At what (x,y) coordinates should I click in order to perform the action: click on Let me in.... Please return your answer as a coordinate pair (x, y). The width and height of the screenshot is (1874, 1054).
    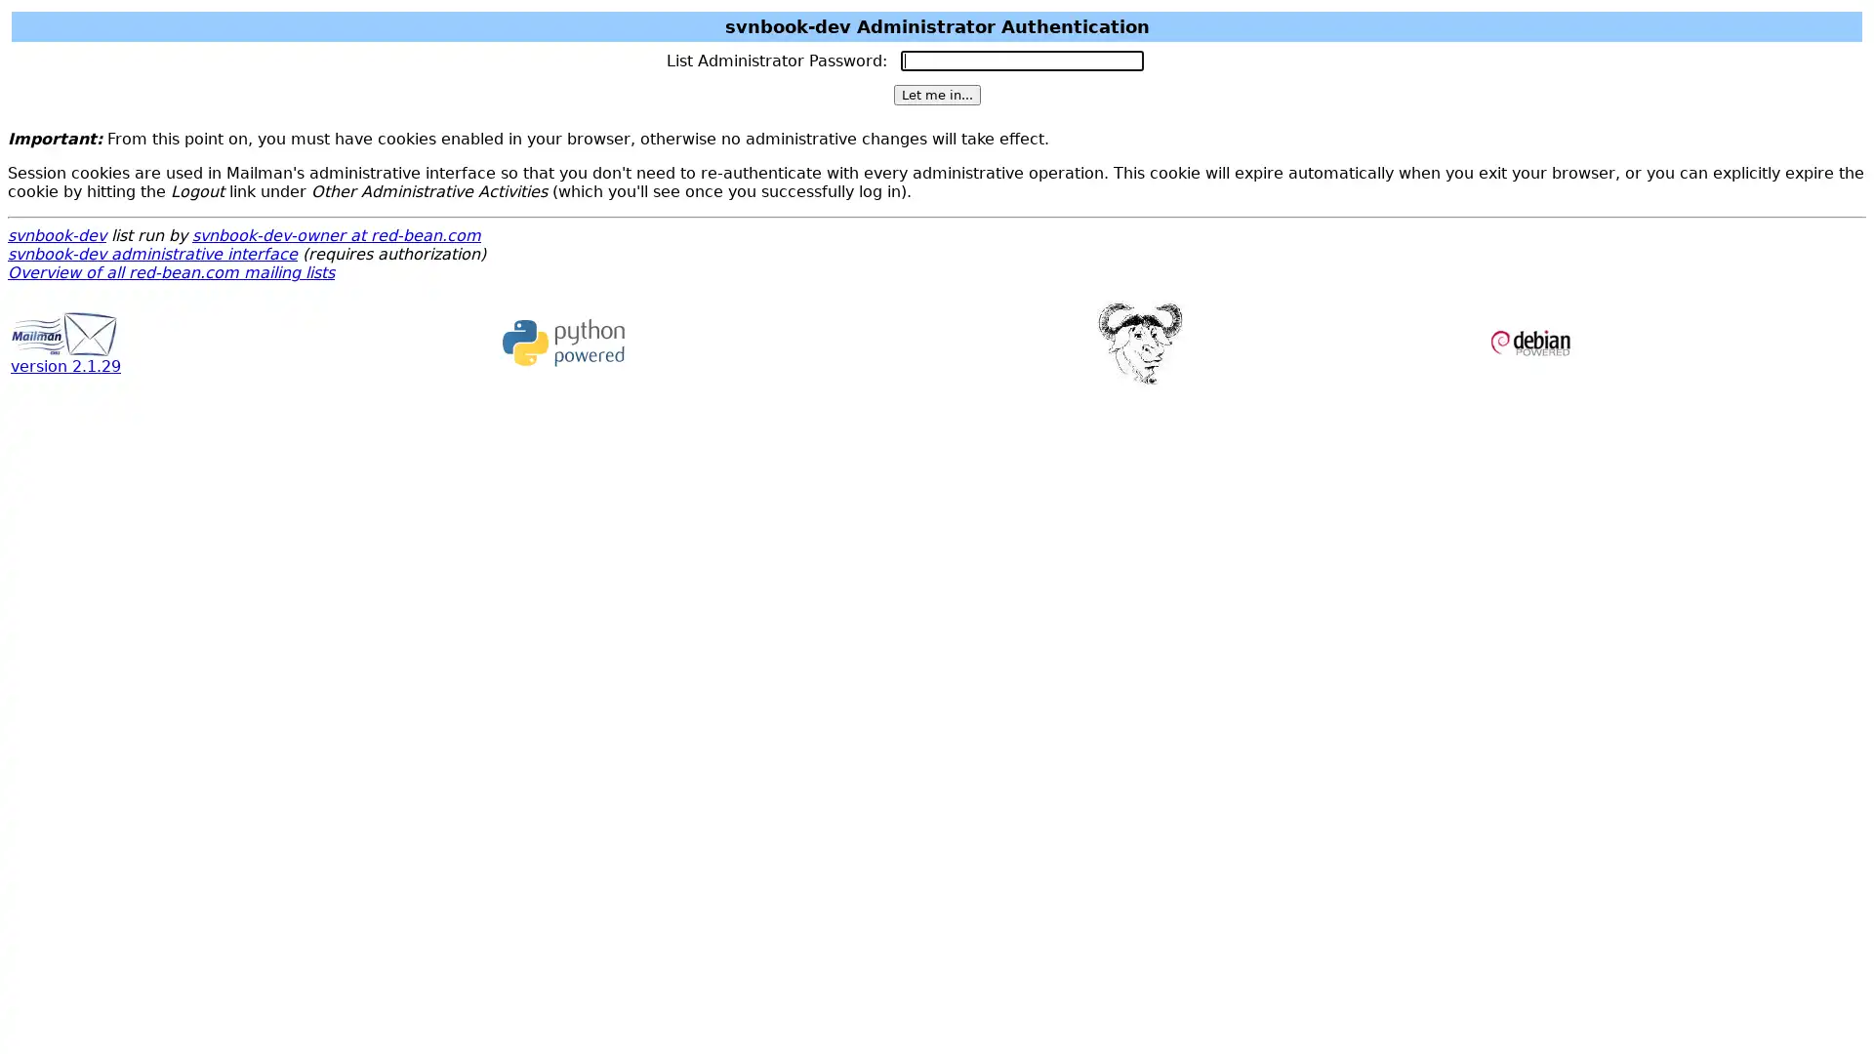
    Looking at the image, I should click on (935, 95).